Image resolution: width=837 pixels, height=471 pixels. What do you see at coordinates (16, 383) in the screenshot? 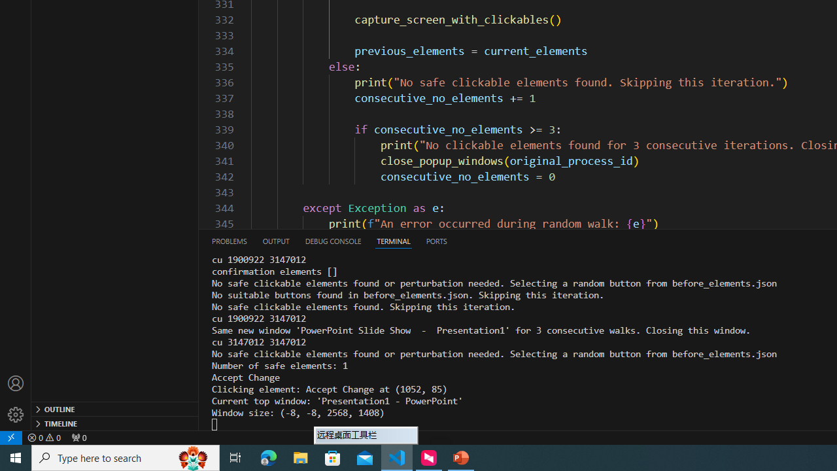
I see `'Accounts'` at bounding box center [16, 383].